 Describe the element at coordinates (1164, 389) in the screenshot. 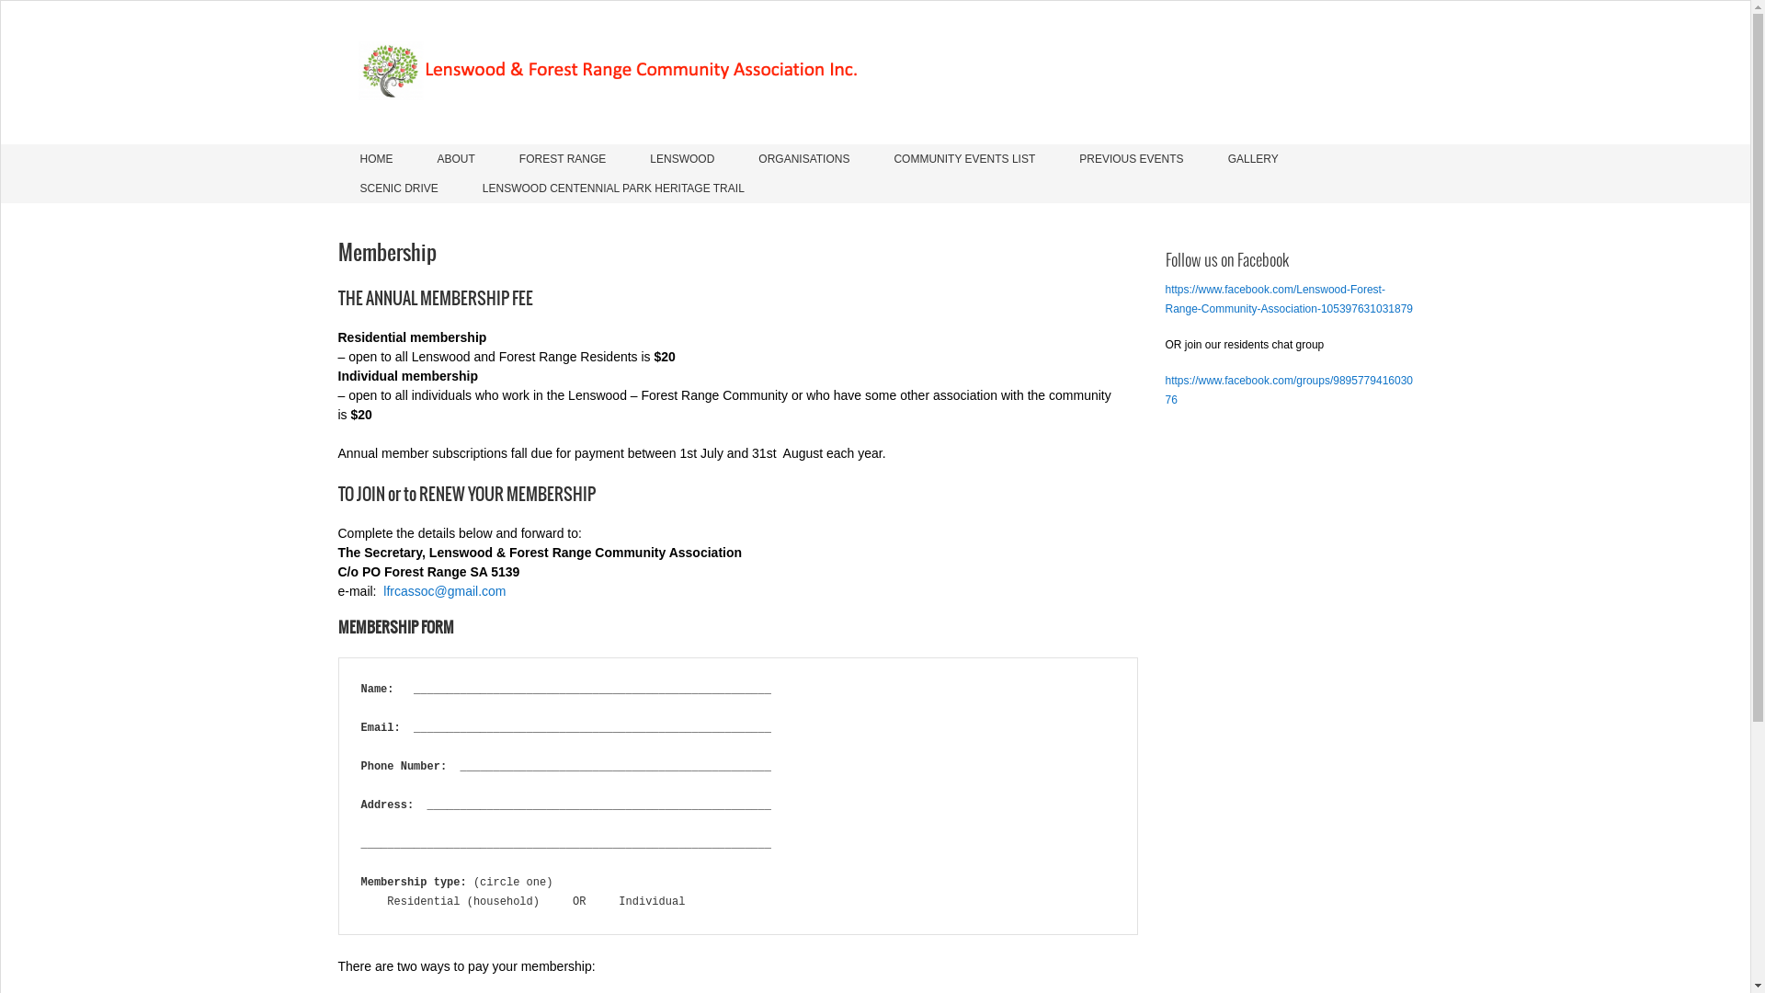

I see `'https://www.facebook.com/groups/989577941603076'` at that location.